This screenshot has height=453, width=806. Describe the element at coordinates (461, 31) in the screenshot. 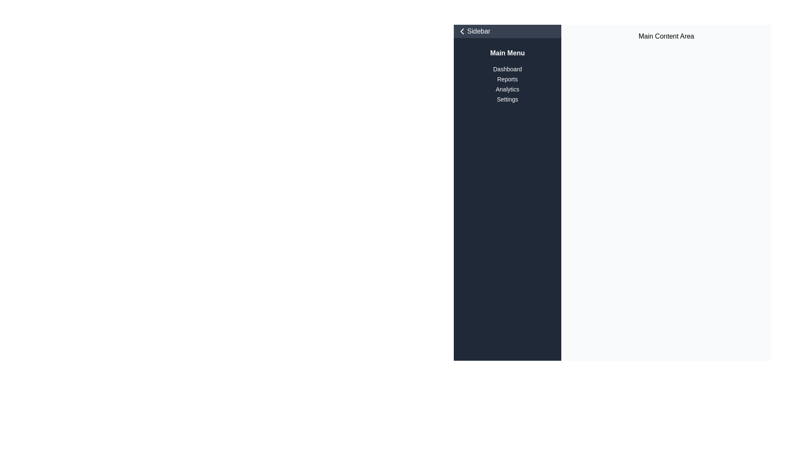

I see `the left-pointing arrow icon located in the top-left corner of the interface within the header area adjacent to the sidebar` at that location.